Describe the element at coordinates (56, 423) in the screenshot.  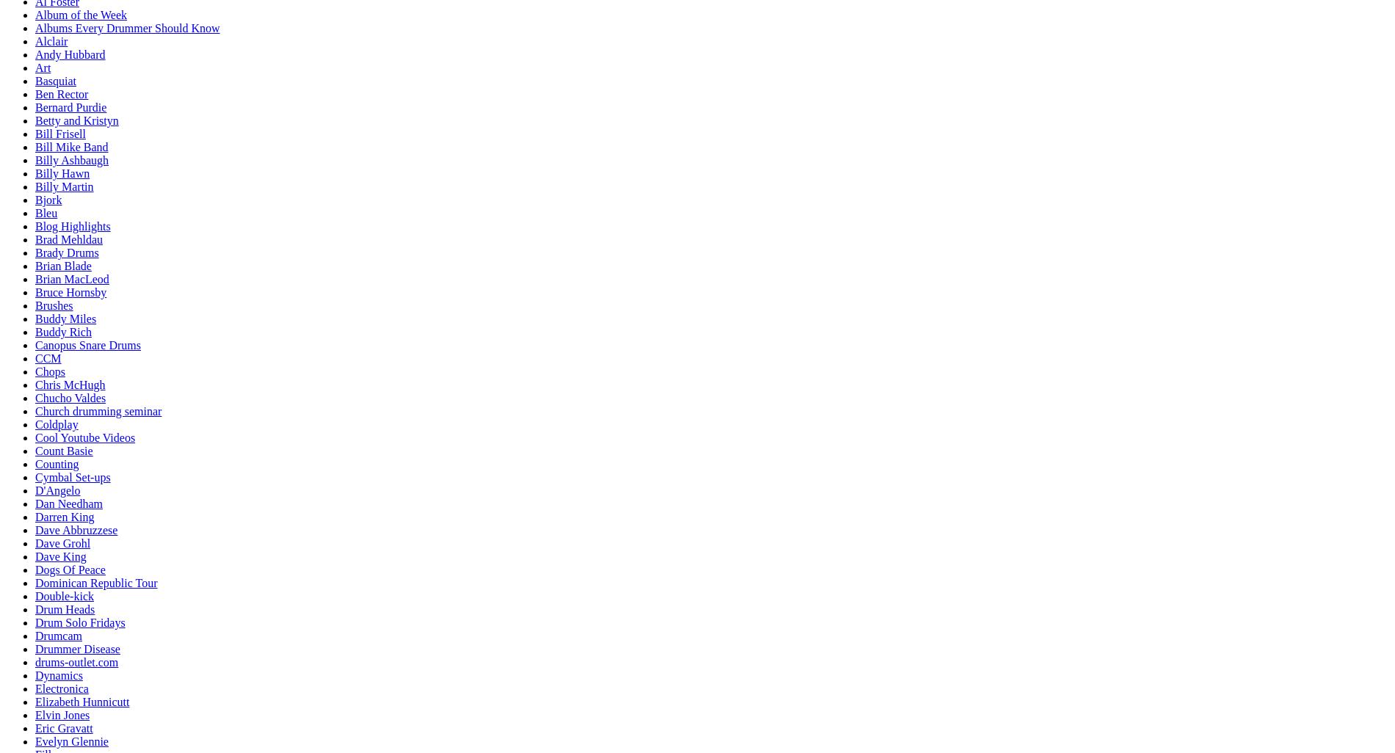
I see `'Coldplay'` at that location.